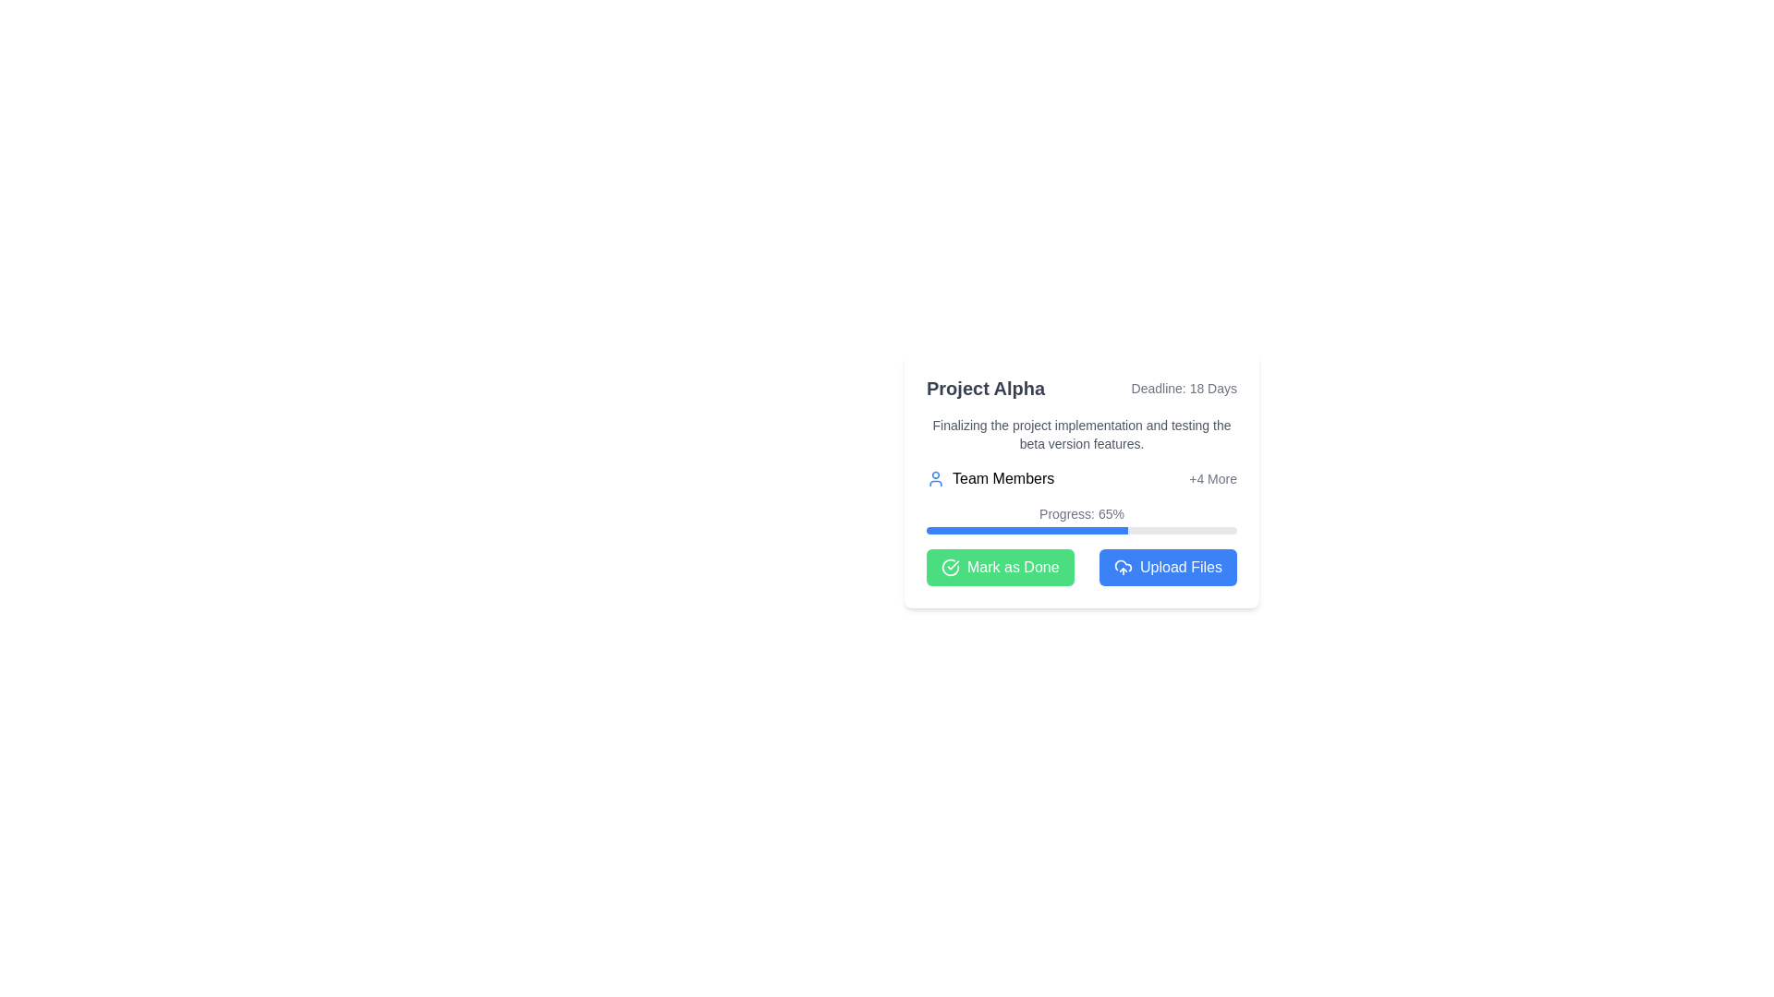 This screenshot has height=997, width=1774. What do you see at coordinates (999, 566) in the screenshot?
I see `the green rectangular button labeled 'Mark as Done' located below the 'Progress: 65%' text to mark the task as completed` at bounding box center [999, 566].